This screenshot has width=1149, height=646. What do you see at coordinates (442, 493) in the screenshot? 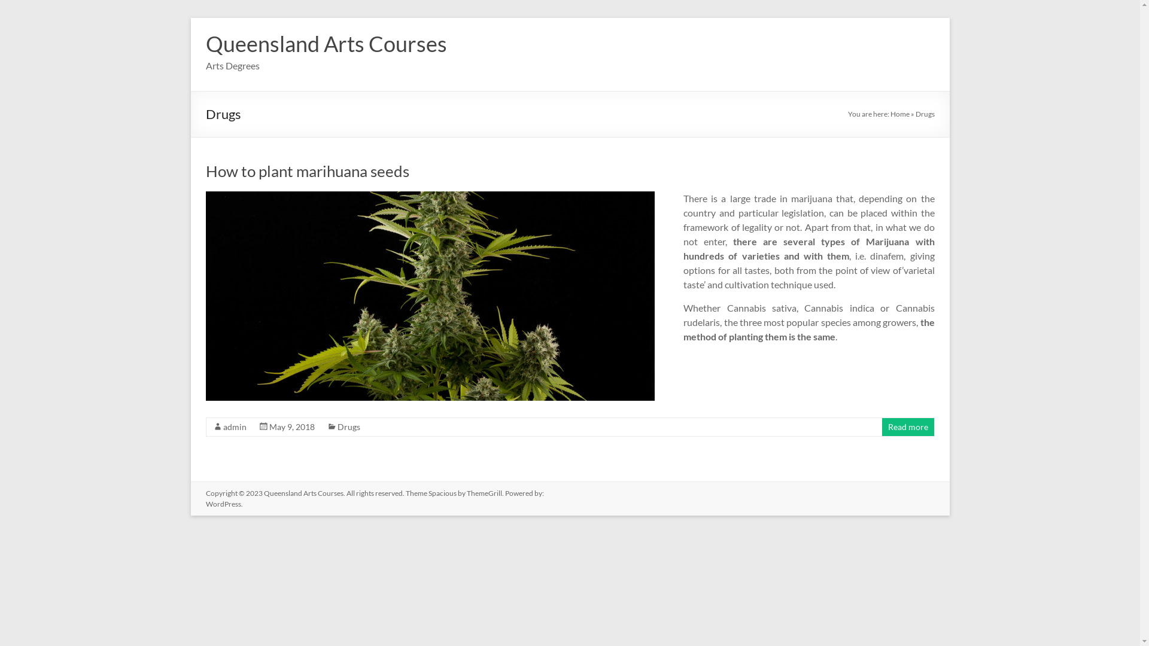
I see `'Spacious'` at bounding box center [442, 493].